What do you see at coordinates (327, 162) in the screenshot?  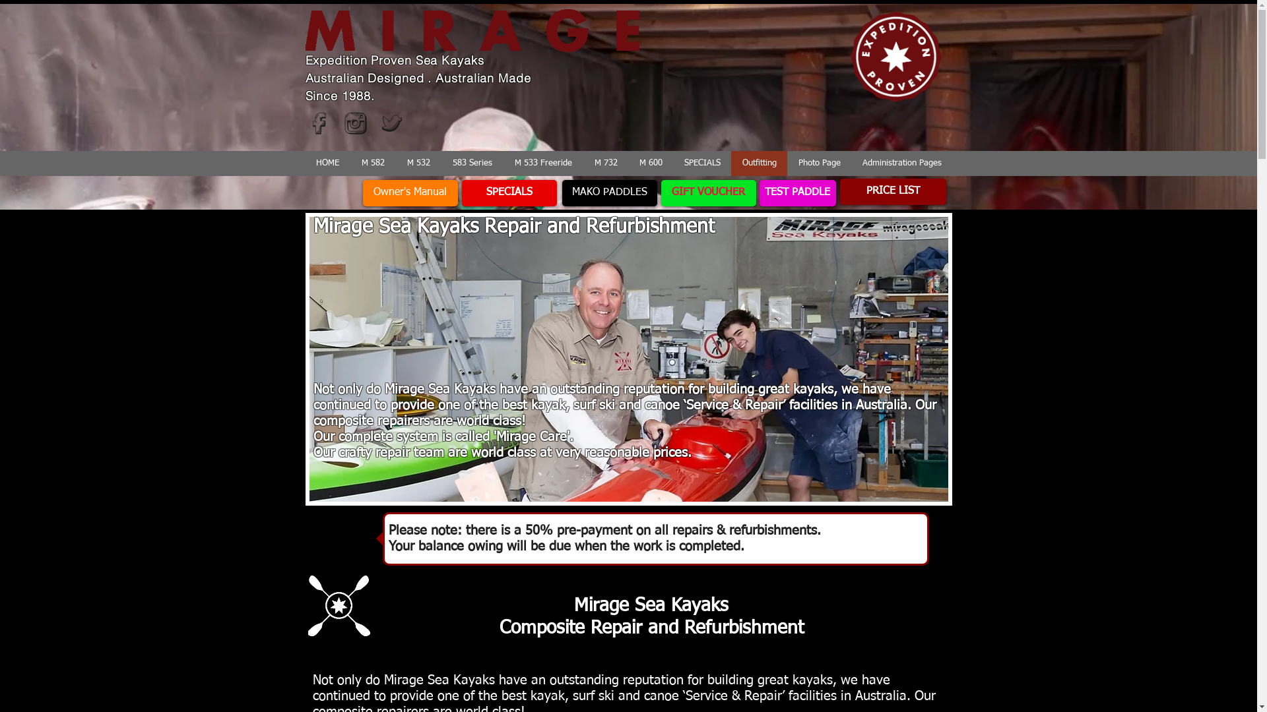 I see `'HOME'` at bounding box center [327, 162].